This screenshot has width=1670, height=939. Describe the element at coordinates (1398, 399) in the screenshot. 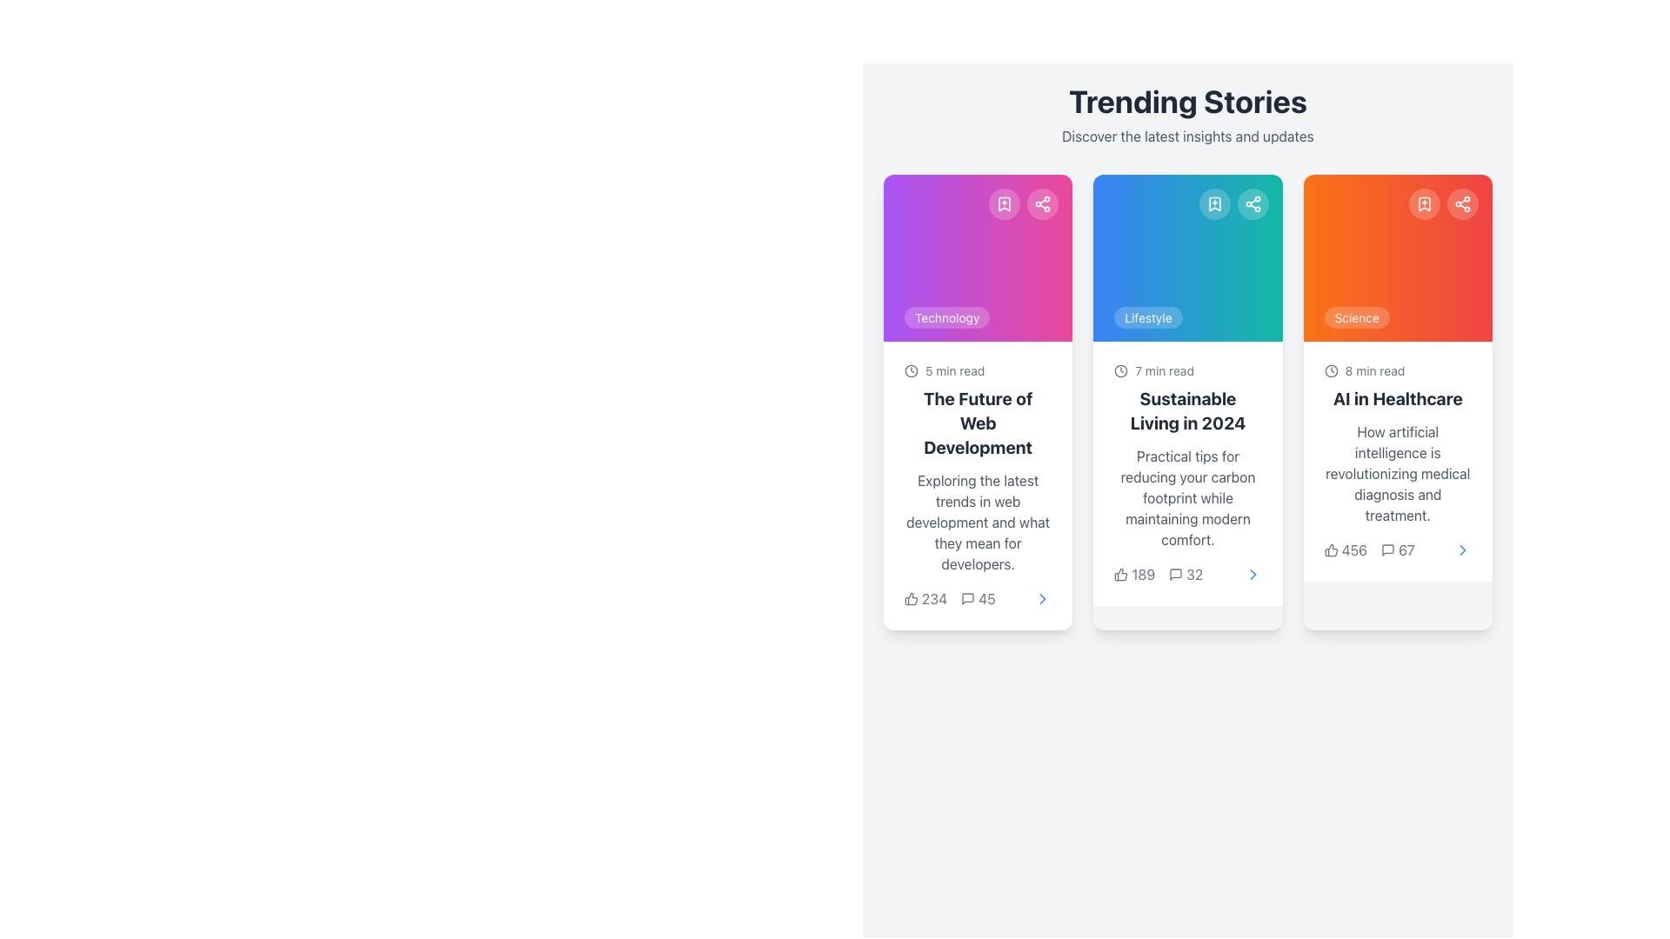

I see `text label displaying 'AI in Healthcare', which is centrally located within a white card-like background at the top of the description section` at that location.